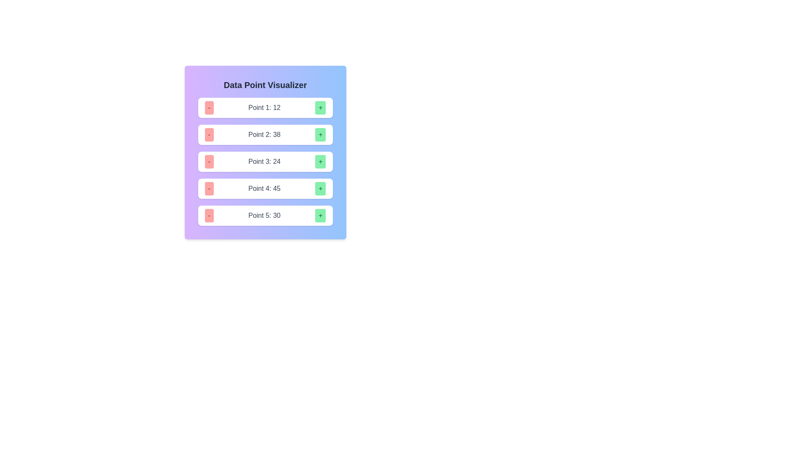 This screenshot has width=808, height=455. What do you see at coordinates (320, 188) in the screenshot?
I see `the button that increases the count for 'Point 4: 45'` at bounding box center [320, 188].